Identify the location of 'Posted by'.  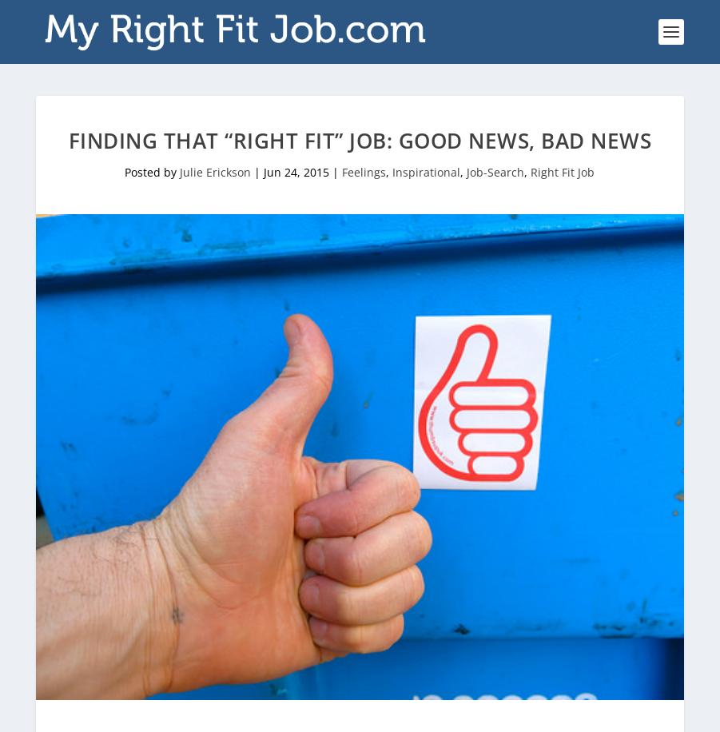
(151, 170).